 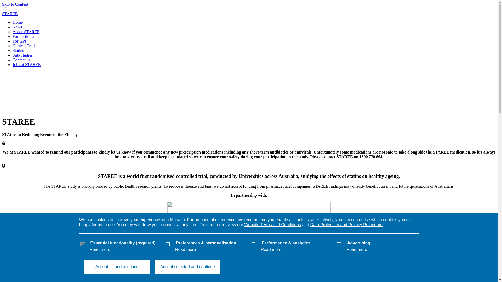 What do you see at coordinates (272, 224) in the screenshot?
I see `'Website Terms and Conditions'` at bounding box center [272, 224].